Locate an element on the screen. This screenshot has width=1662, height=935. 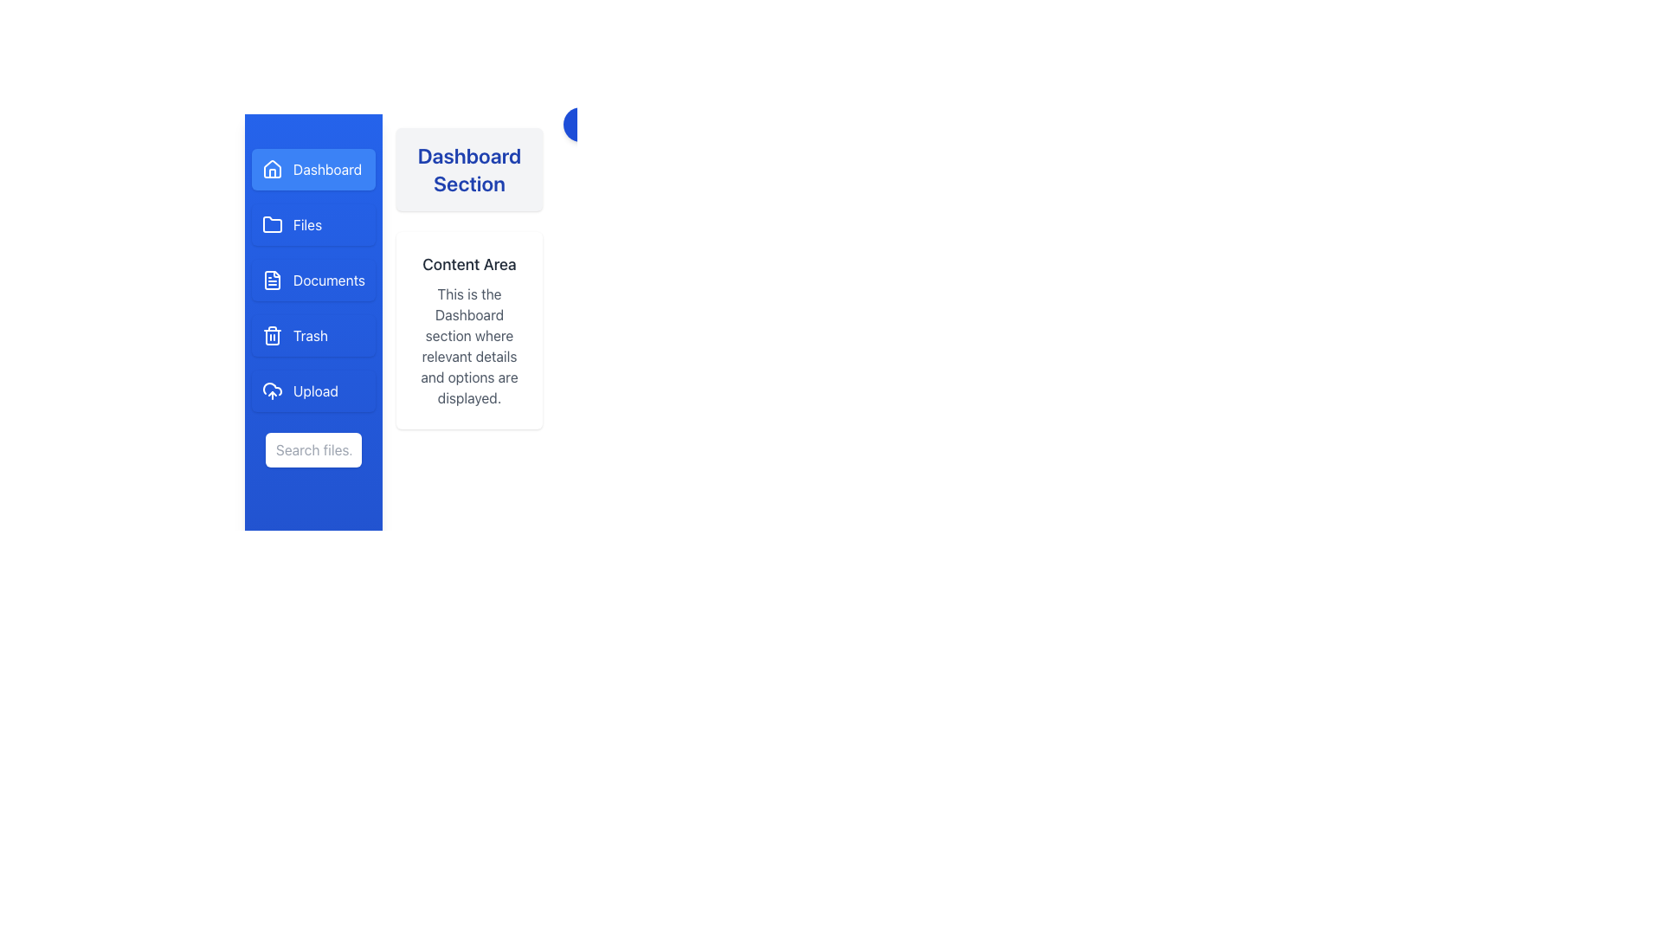
the 'Dashboard' icon located at the top of the navigation menu on the left side of the interface to trigger any associated hover states is located at coordinates (272, 169).